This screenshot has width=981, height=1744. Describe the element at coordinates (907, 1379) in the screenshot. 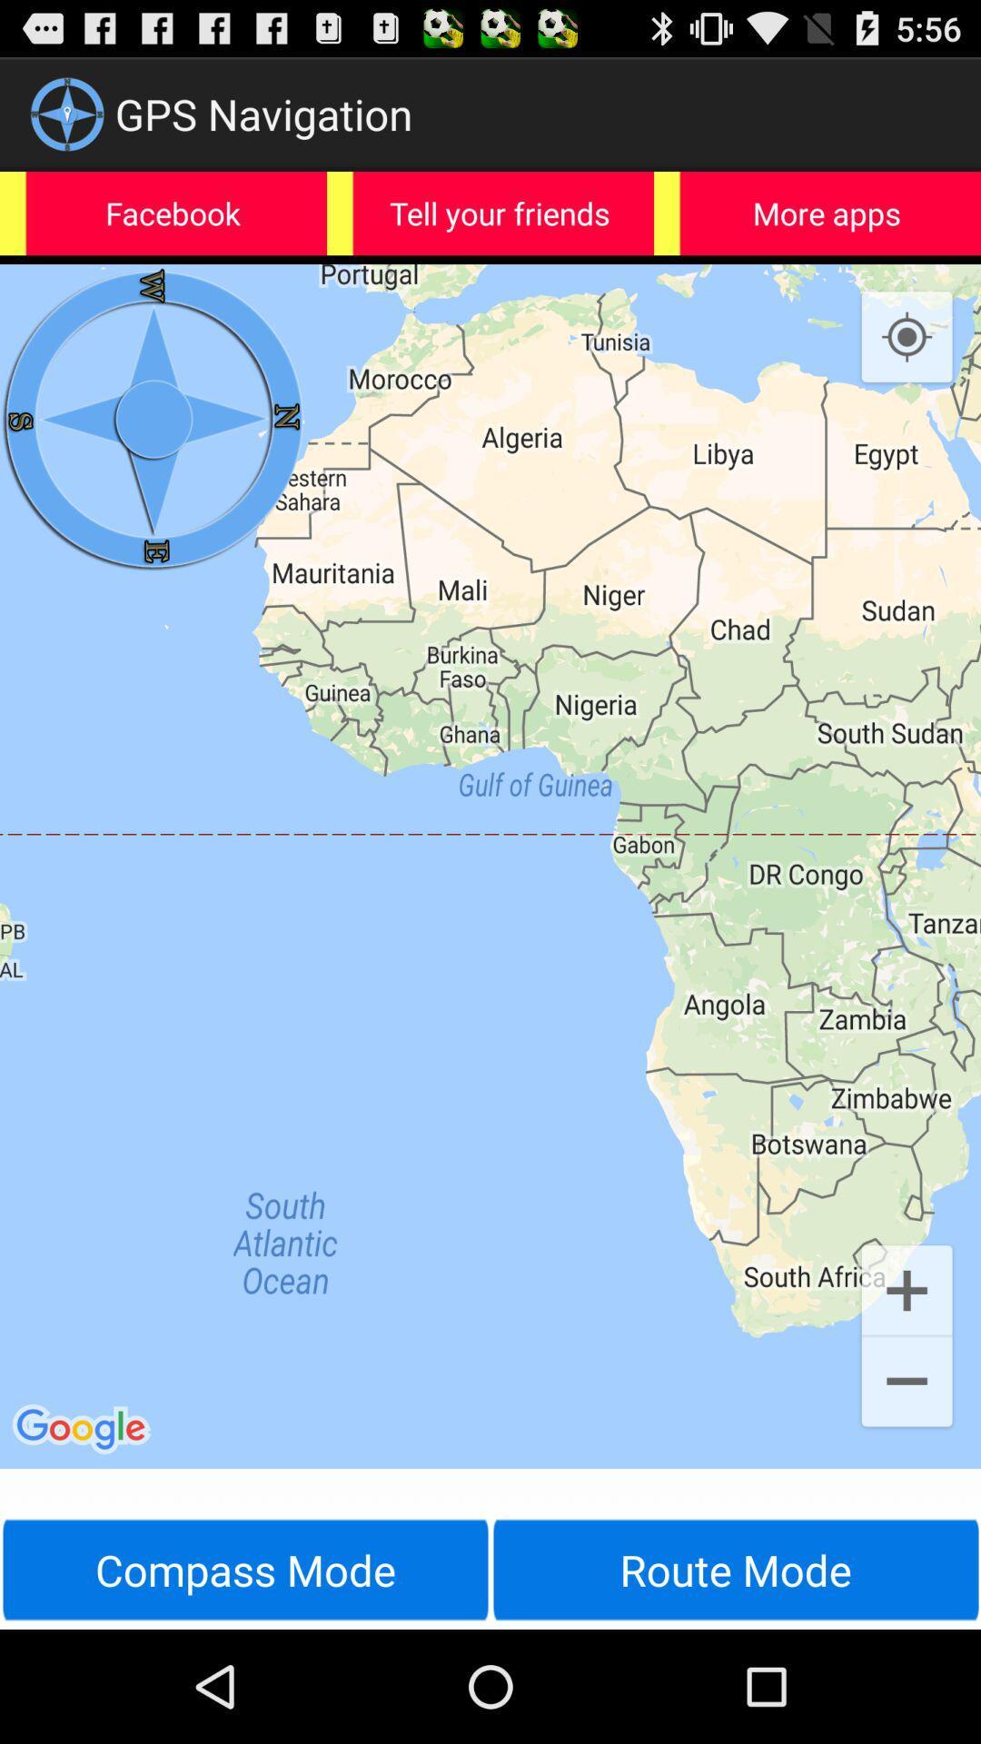

I see `the add icon` at that location.